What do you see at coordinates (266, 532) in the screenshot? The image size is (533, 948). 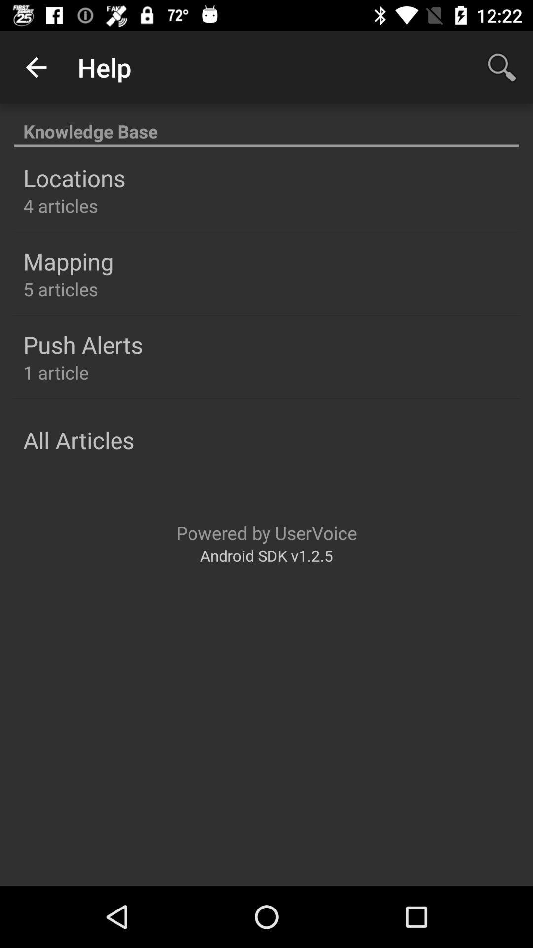 I see `powered by uservoice icon` at bounding box center [266, 532].